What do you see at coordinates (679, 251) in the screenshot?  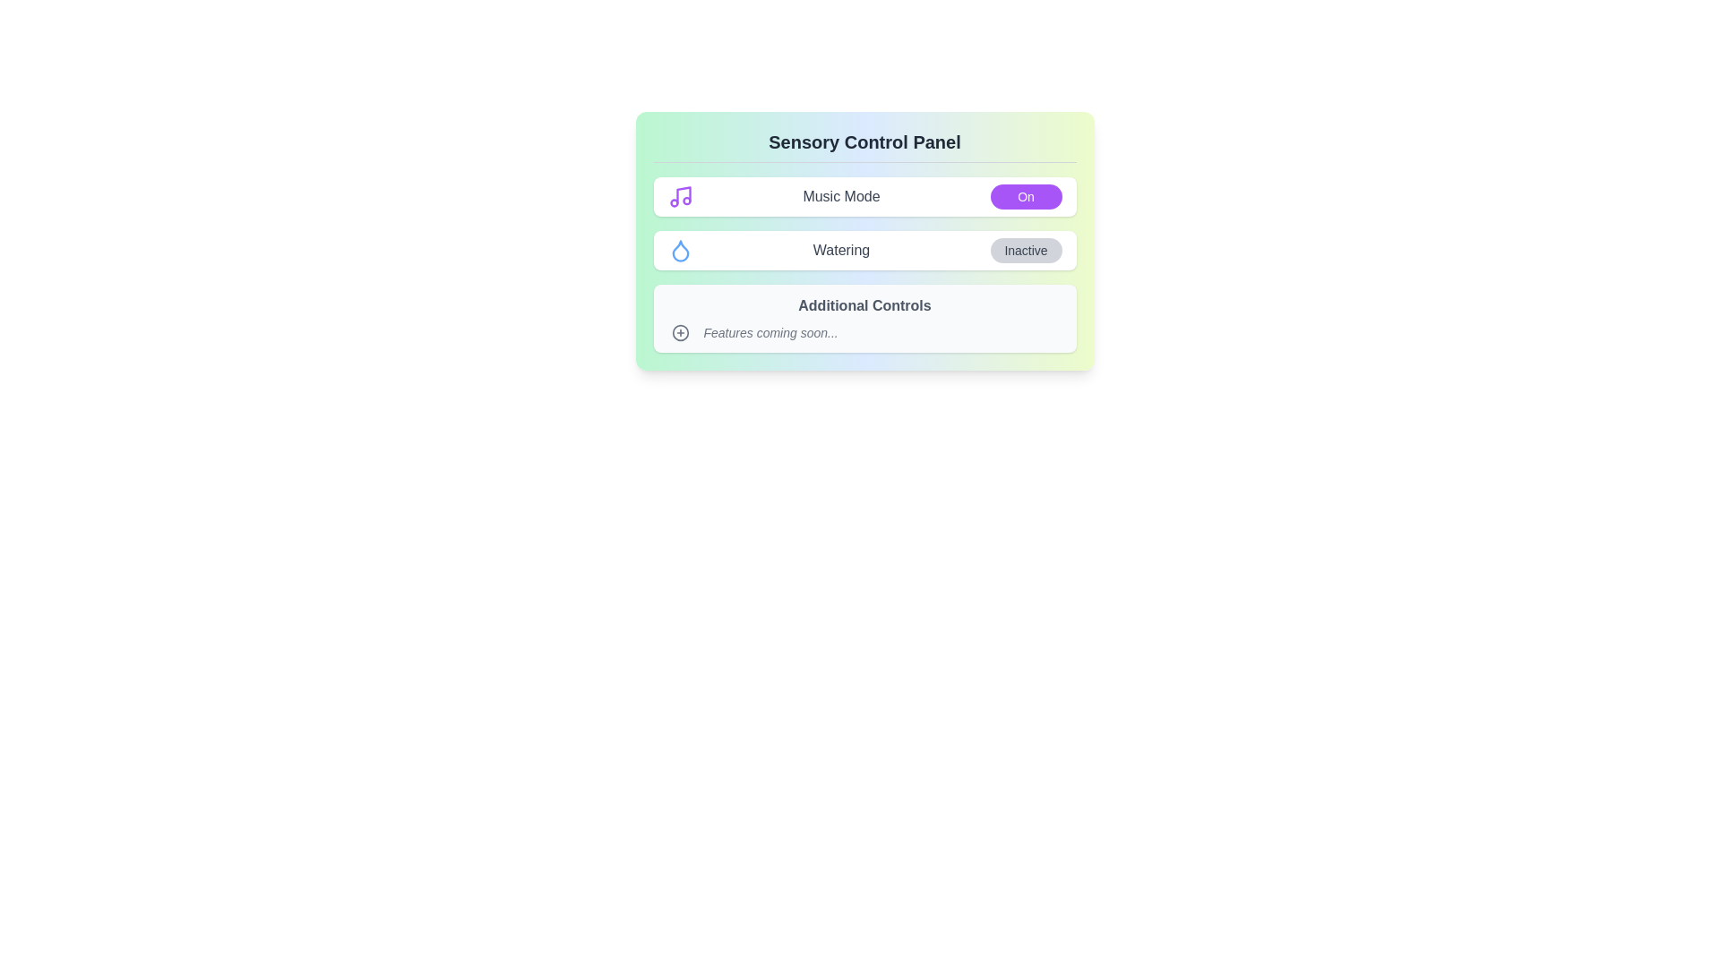 I see `the 'Watering' icon located in the second row of the sensory control panel, positioned to the left of the 'Watering' text` at bounding box center [679, 251].